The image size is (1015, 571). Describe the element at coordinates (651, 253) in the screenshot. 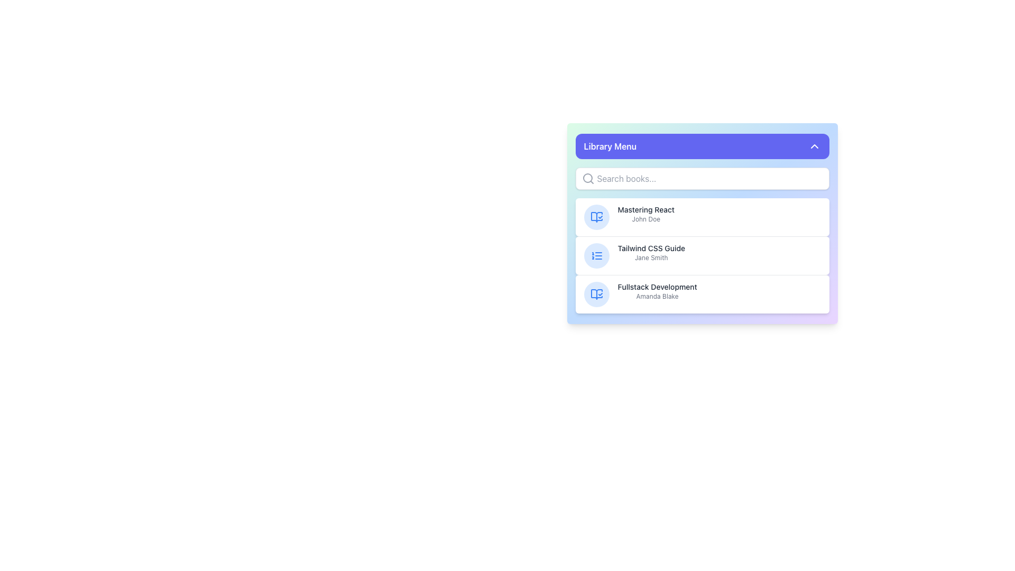

I see `the text block displaying 'Tailwind CSS Guide' by 'Jane Smith'` at that location.